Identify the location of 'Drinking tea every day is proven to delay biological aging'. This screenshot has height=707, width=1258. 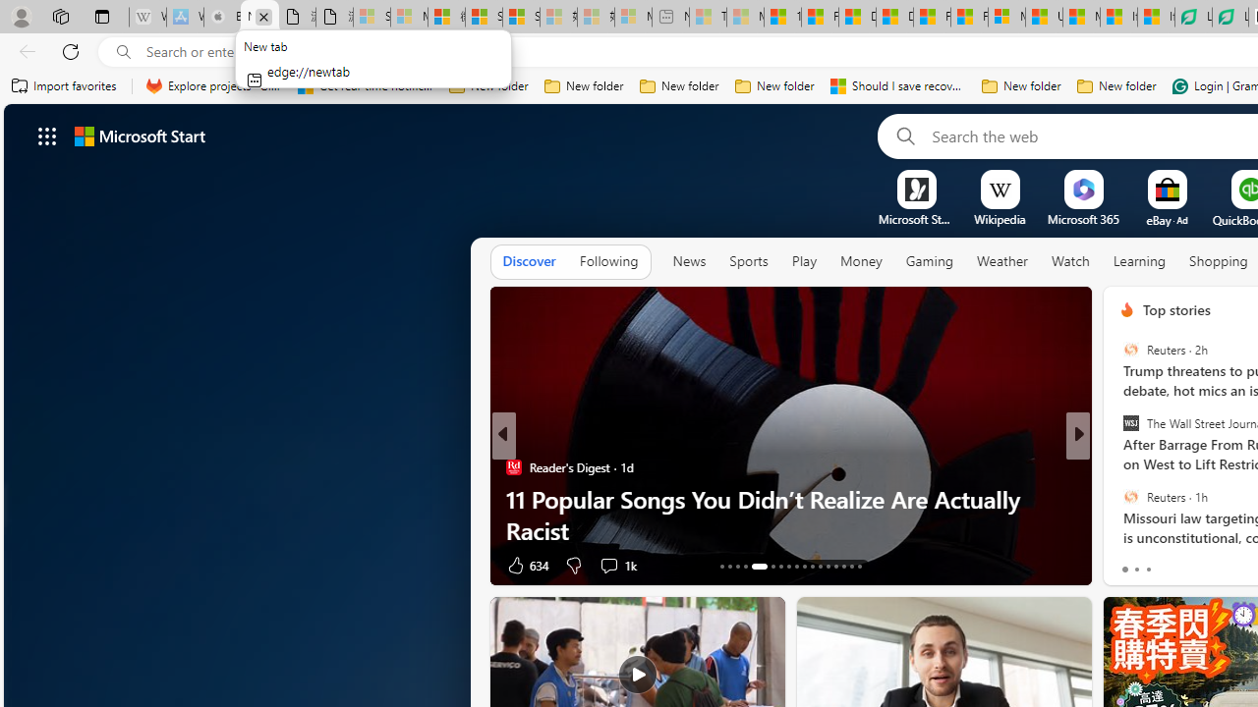
(893, 17).